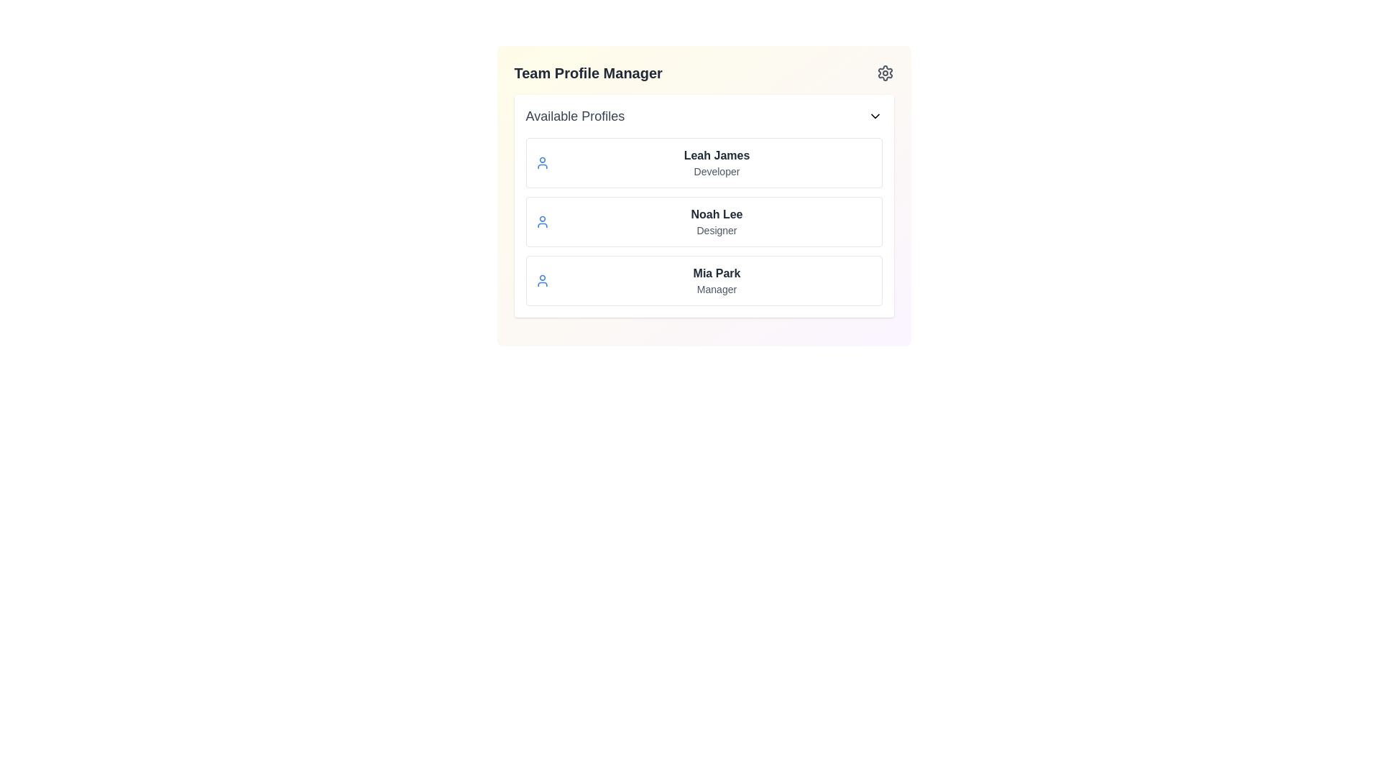  I want to click on the text label displaying 'Developer' located directly beneath the name 'Leah James' in the user profile section, so click(717, 171).